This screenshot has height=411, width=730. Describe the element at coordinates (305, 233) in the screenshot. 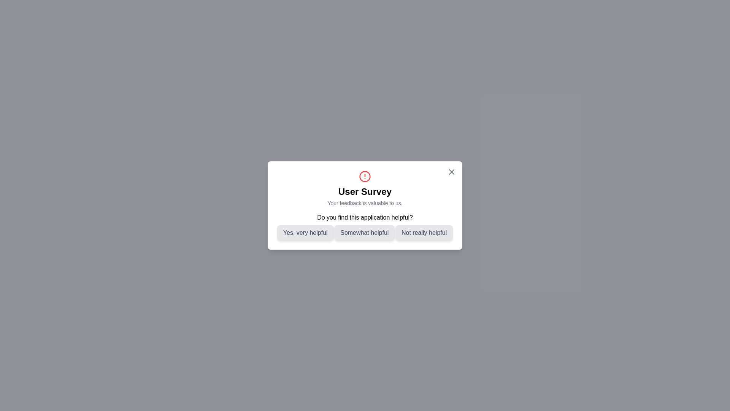

I see `the leftmost button labeled 'Yes, very helpful' in the feedback section of the pop-up modal dialog` at that location.